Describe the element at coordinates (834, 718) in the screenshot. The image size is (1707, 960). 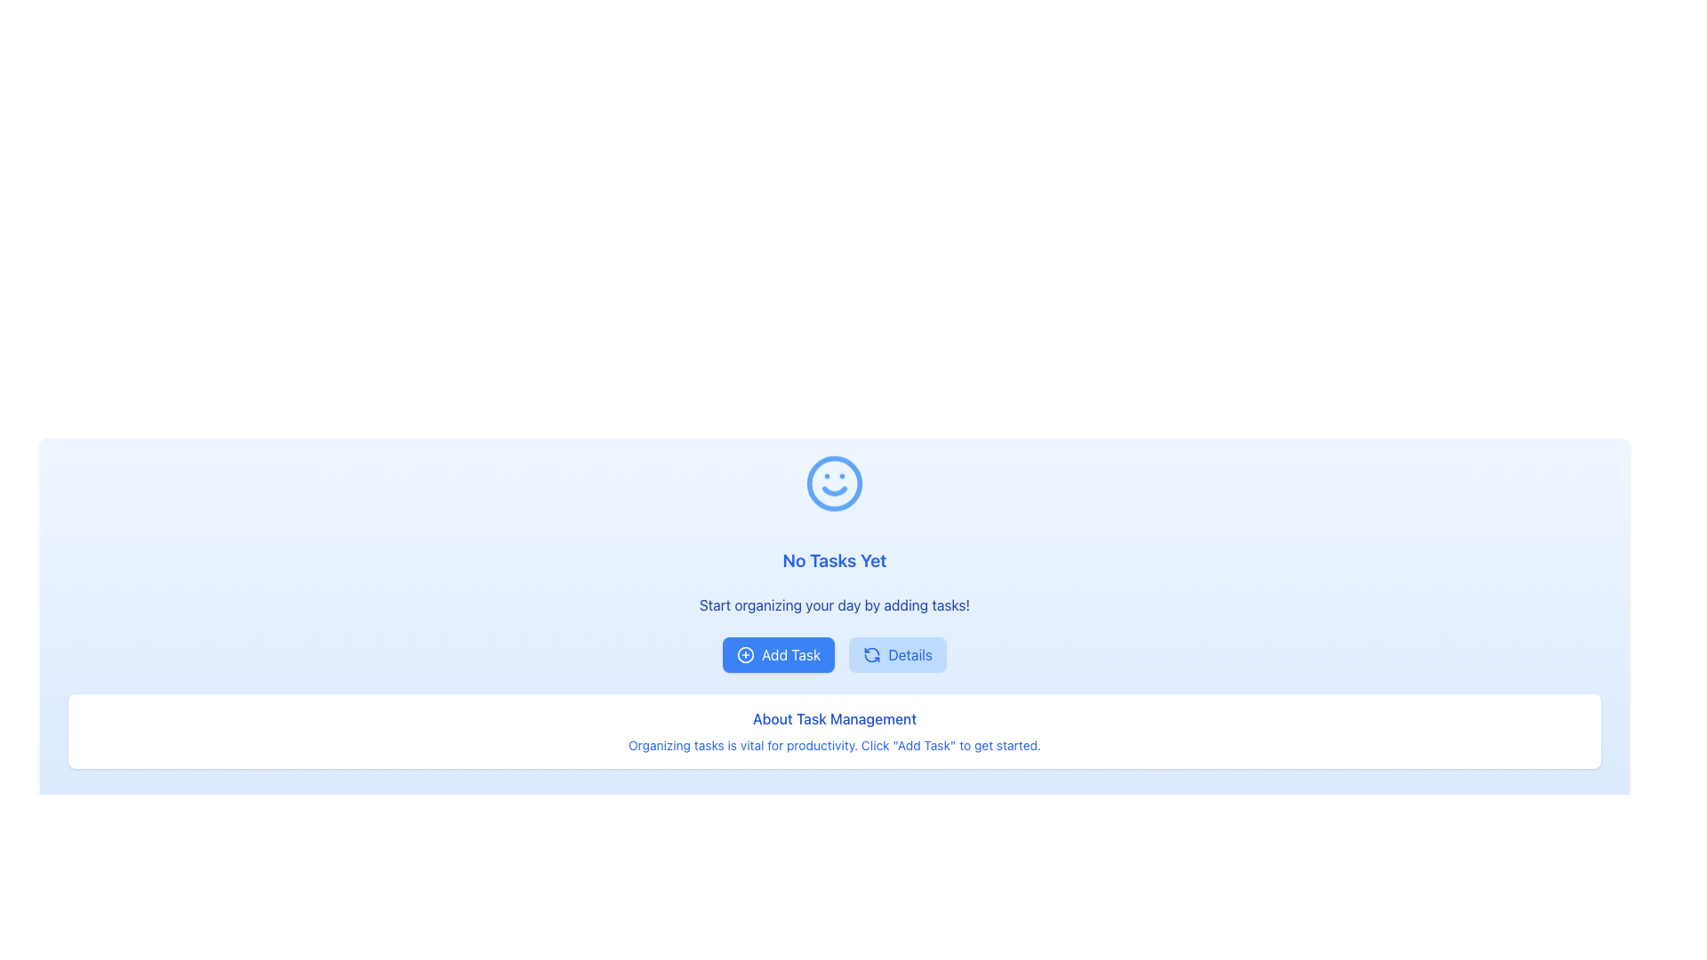
I see `the text label displaying 'About Task Management', which is styled in blue and part of an informational section within a white rounded box` at that location.